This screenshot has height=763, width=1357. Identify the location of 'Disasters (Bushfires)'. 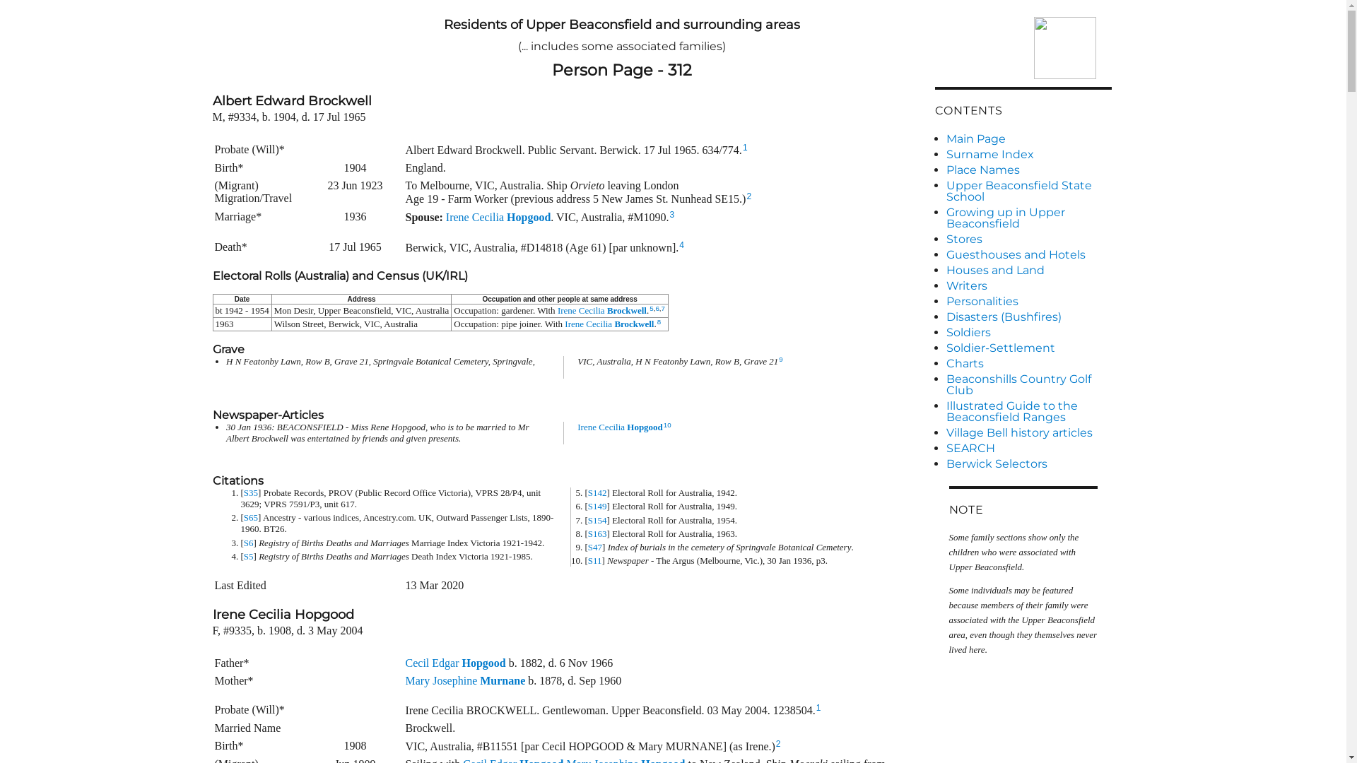
(1028, 316).